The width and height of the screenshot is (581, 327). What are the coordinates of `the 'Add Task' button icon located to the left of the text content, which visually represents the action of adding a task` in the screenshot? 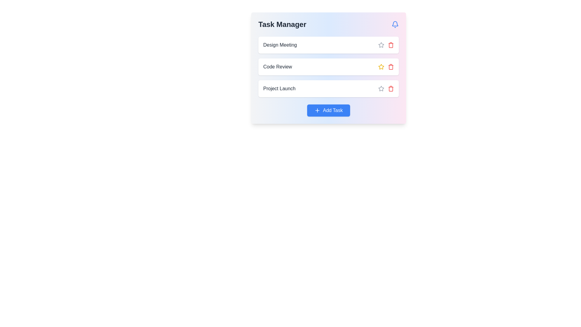 It's located at (317, 111).